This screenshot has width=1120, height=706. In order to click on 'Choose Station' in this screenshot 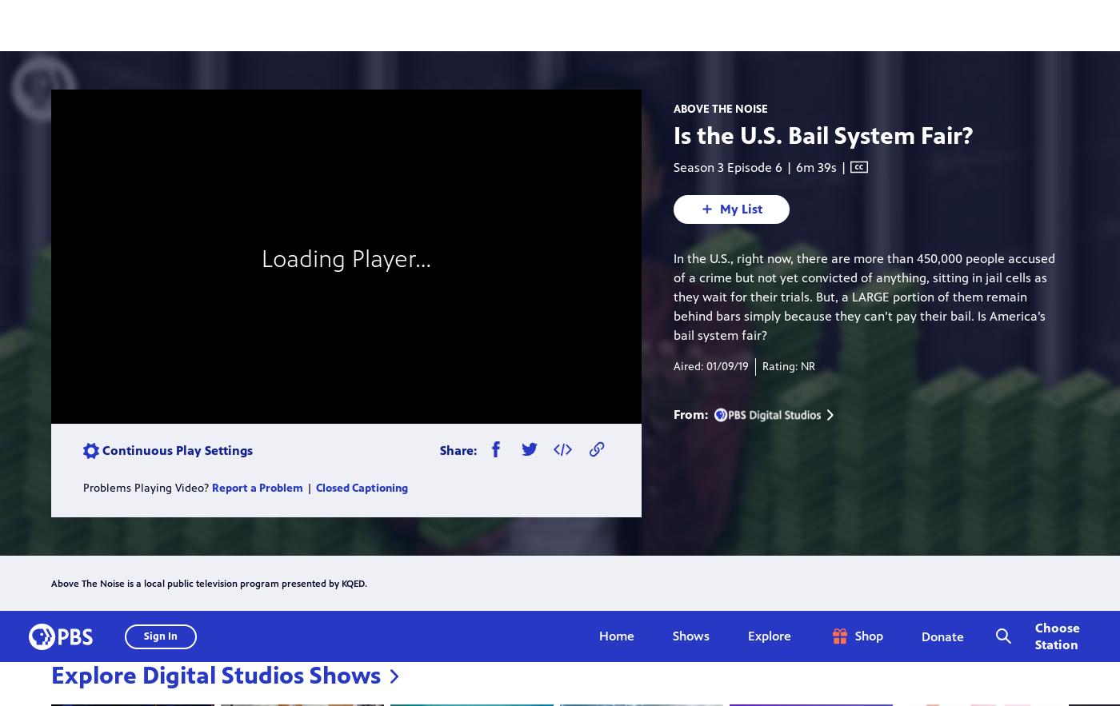, I will do `click(1058, 25)`.